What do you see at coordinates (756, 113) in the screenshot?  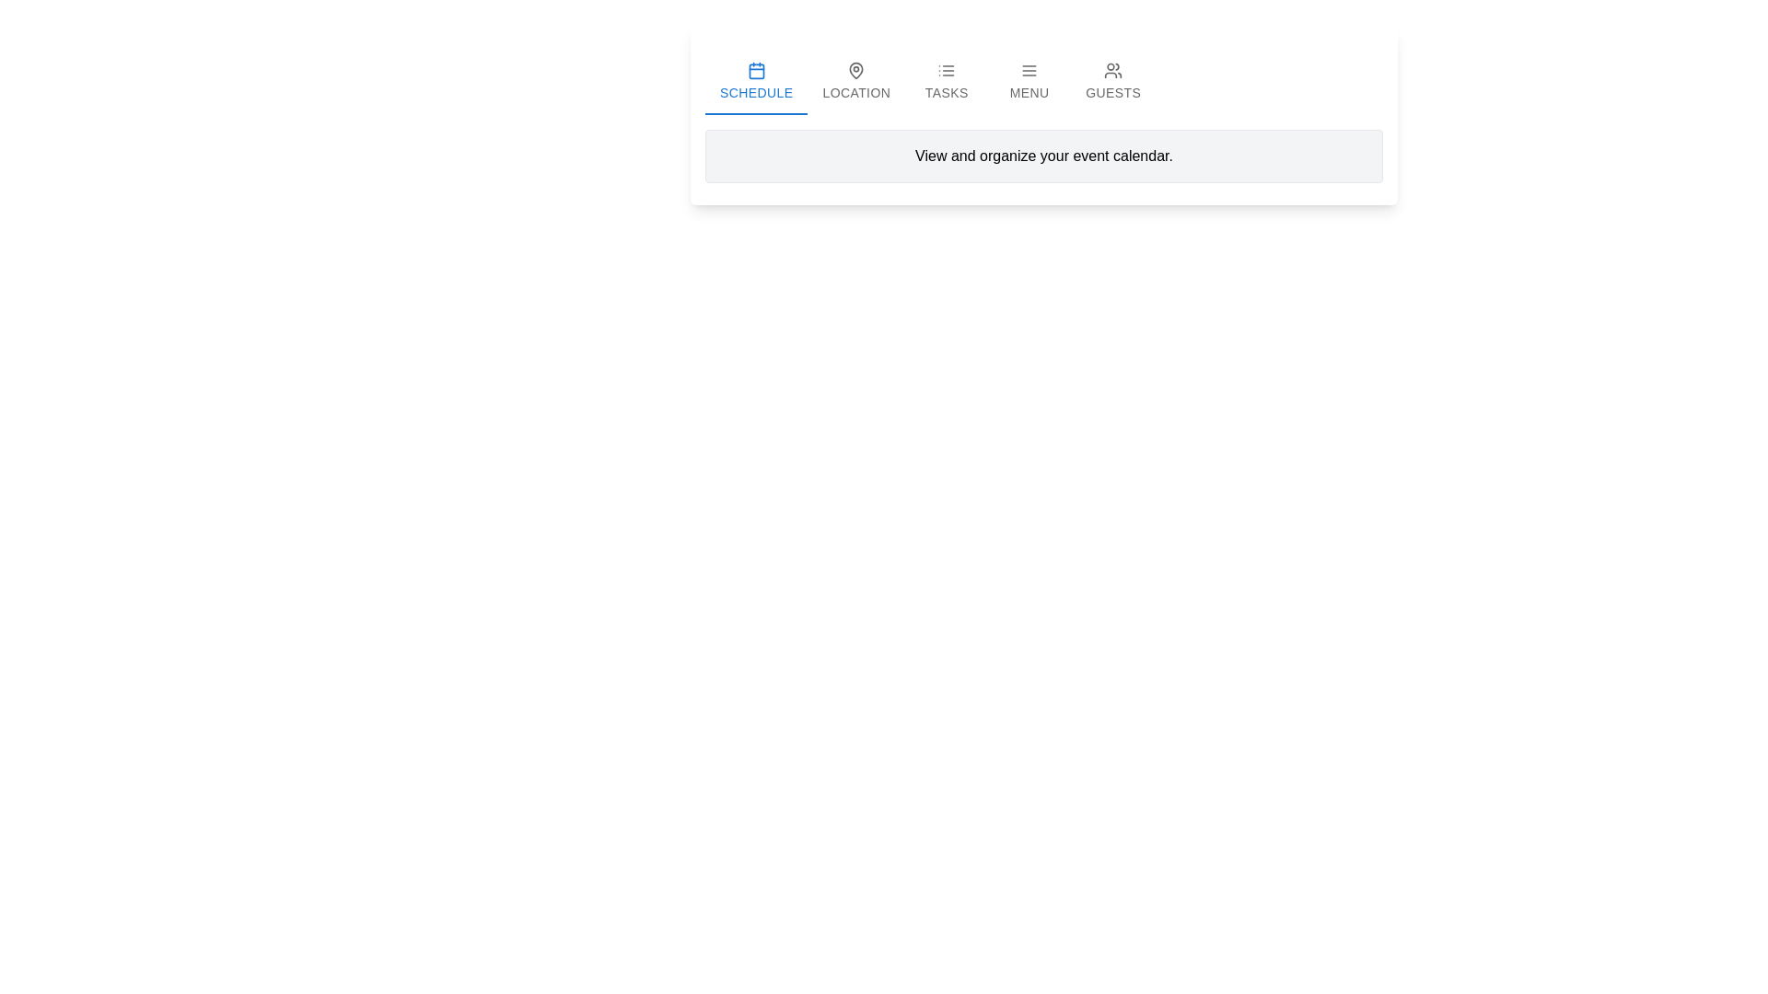 I see `the highlighted state of the Tab Indicator located directly below the 'Schedule' tab in the navigation menu, which visually indicates the currently active tab` at bounding box center [756, 113].